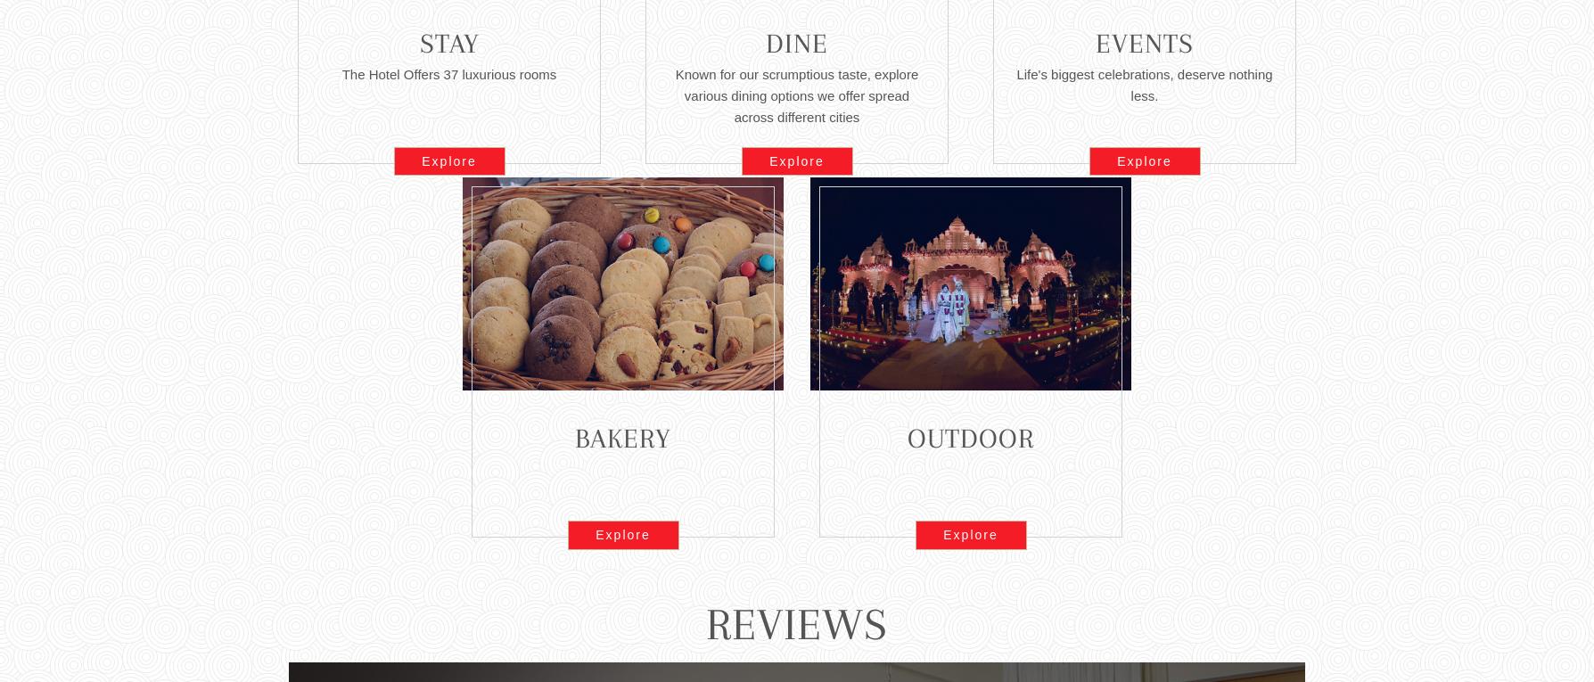  What do you see at coordinates (621, 438) in the screenshot?
I see `'Bakery'` at bounding box center [621, 438].